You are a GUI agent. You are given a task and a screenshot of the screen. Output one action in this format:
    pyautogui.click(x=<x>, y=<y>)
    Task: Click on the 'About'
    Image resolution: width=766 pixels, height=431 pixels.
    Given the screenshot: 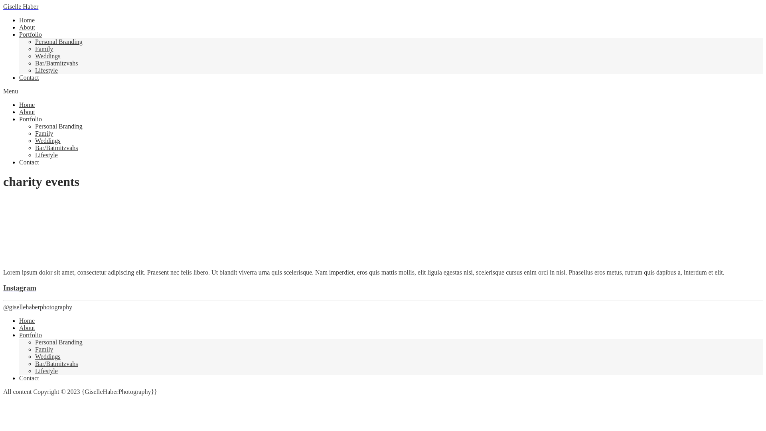 What is the action you would take?
    pyautogui.click(x=27, y=328)
    